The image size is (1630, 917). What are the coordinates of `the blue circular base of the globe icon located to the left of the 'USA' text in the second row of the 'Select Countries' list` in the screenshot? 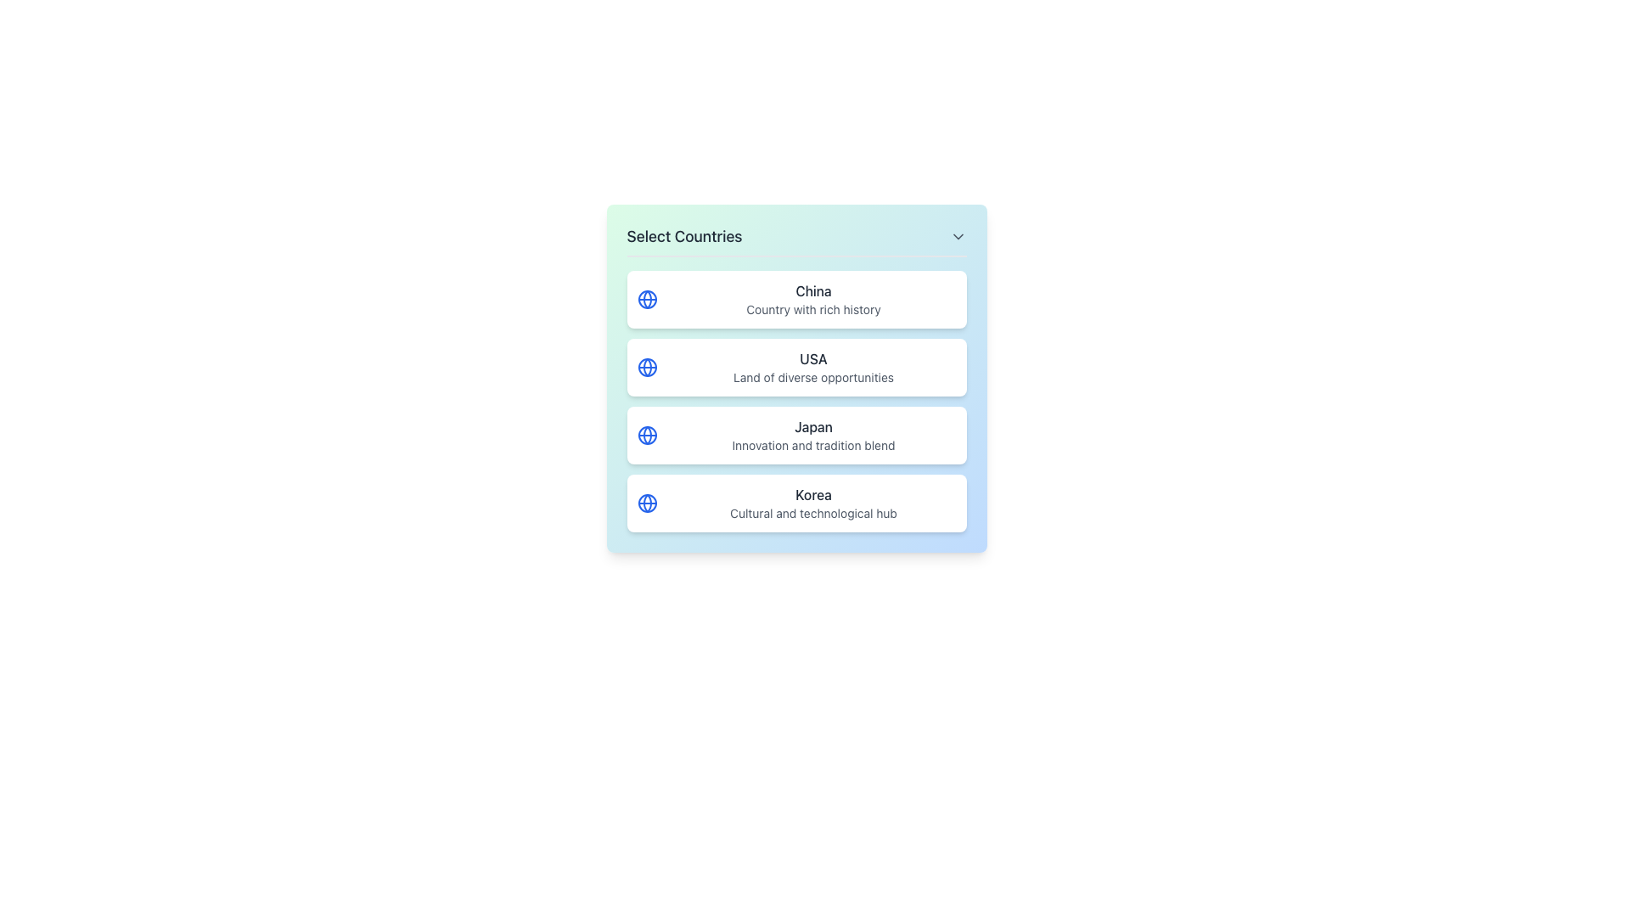 It's located at (646, 366).